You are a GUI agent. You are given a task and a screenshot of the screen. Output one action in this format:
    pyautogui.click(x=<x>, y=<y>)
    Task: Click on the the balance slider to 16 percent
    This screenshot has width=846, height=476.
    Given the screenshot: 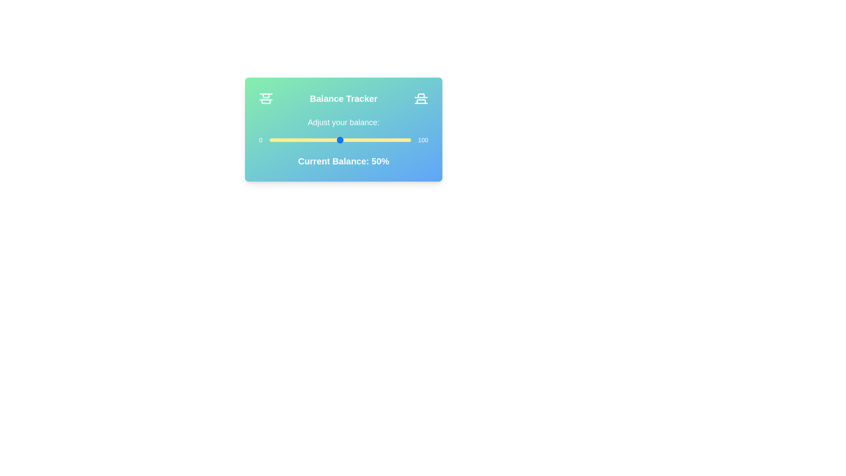 What is the action you would take?
    pyautogui.click(x=292, y=139)
    